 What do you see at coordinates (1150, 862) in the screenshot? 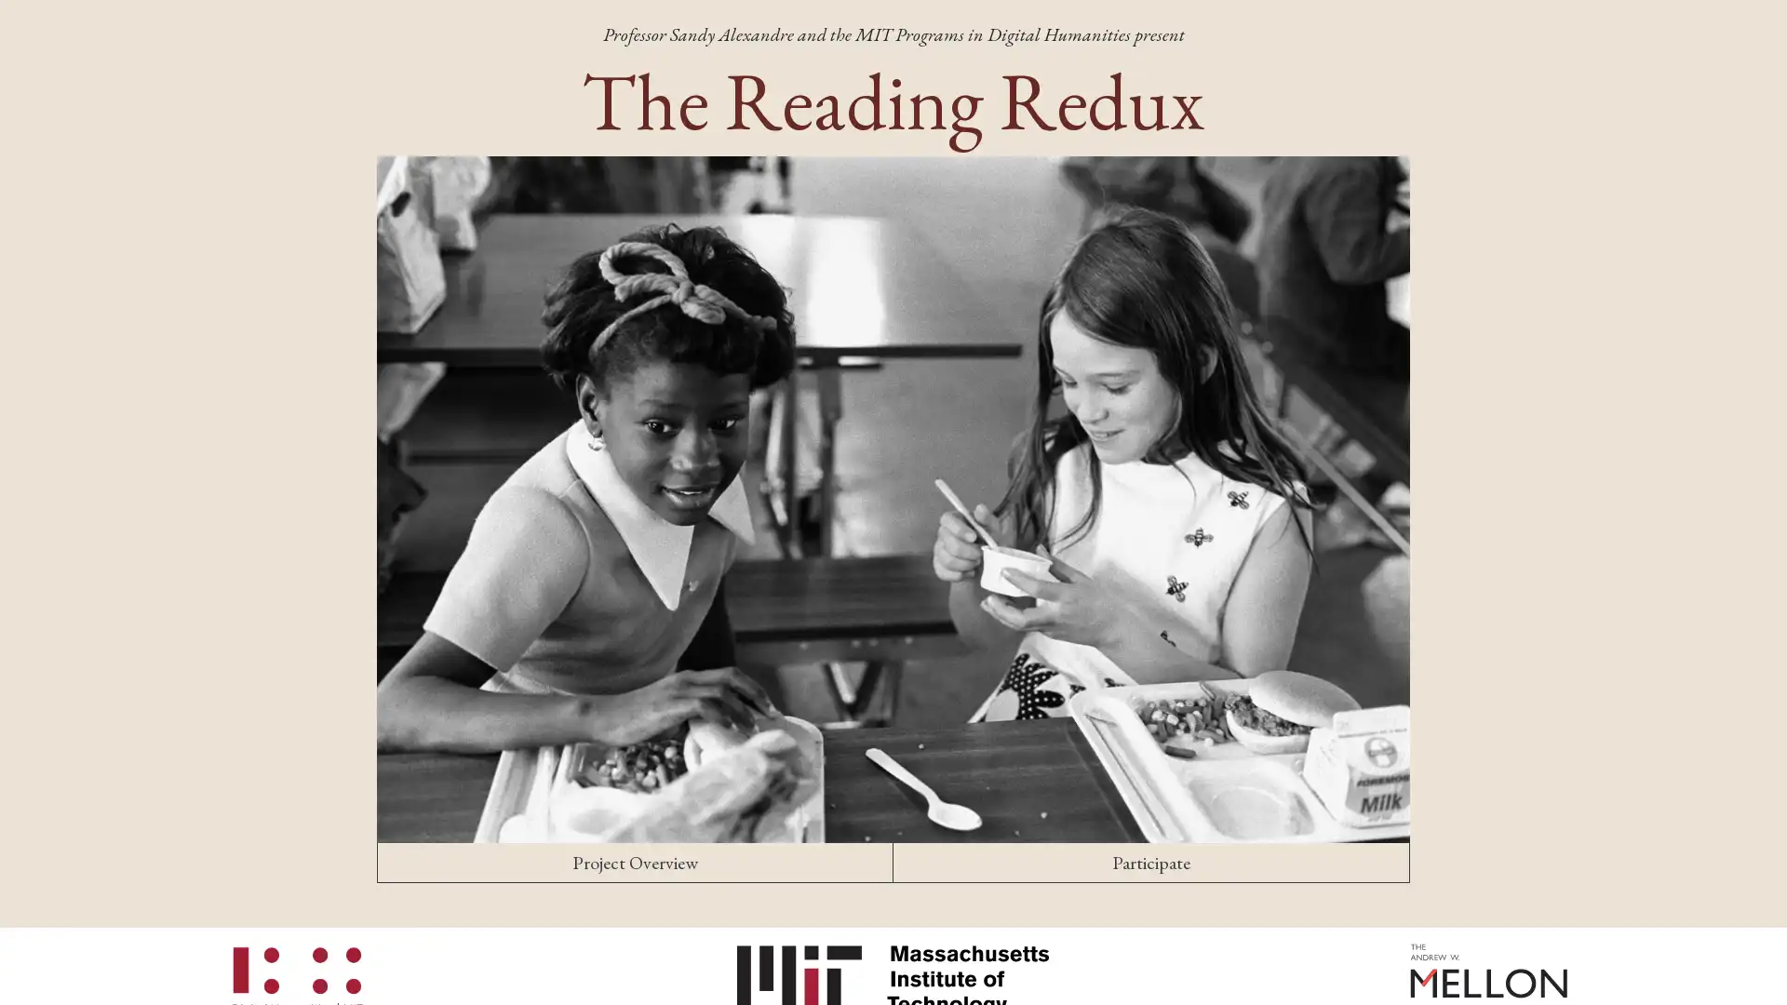
I see `Participate` at bounding box center [1150, 862].